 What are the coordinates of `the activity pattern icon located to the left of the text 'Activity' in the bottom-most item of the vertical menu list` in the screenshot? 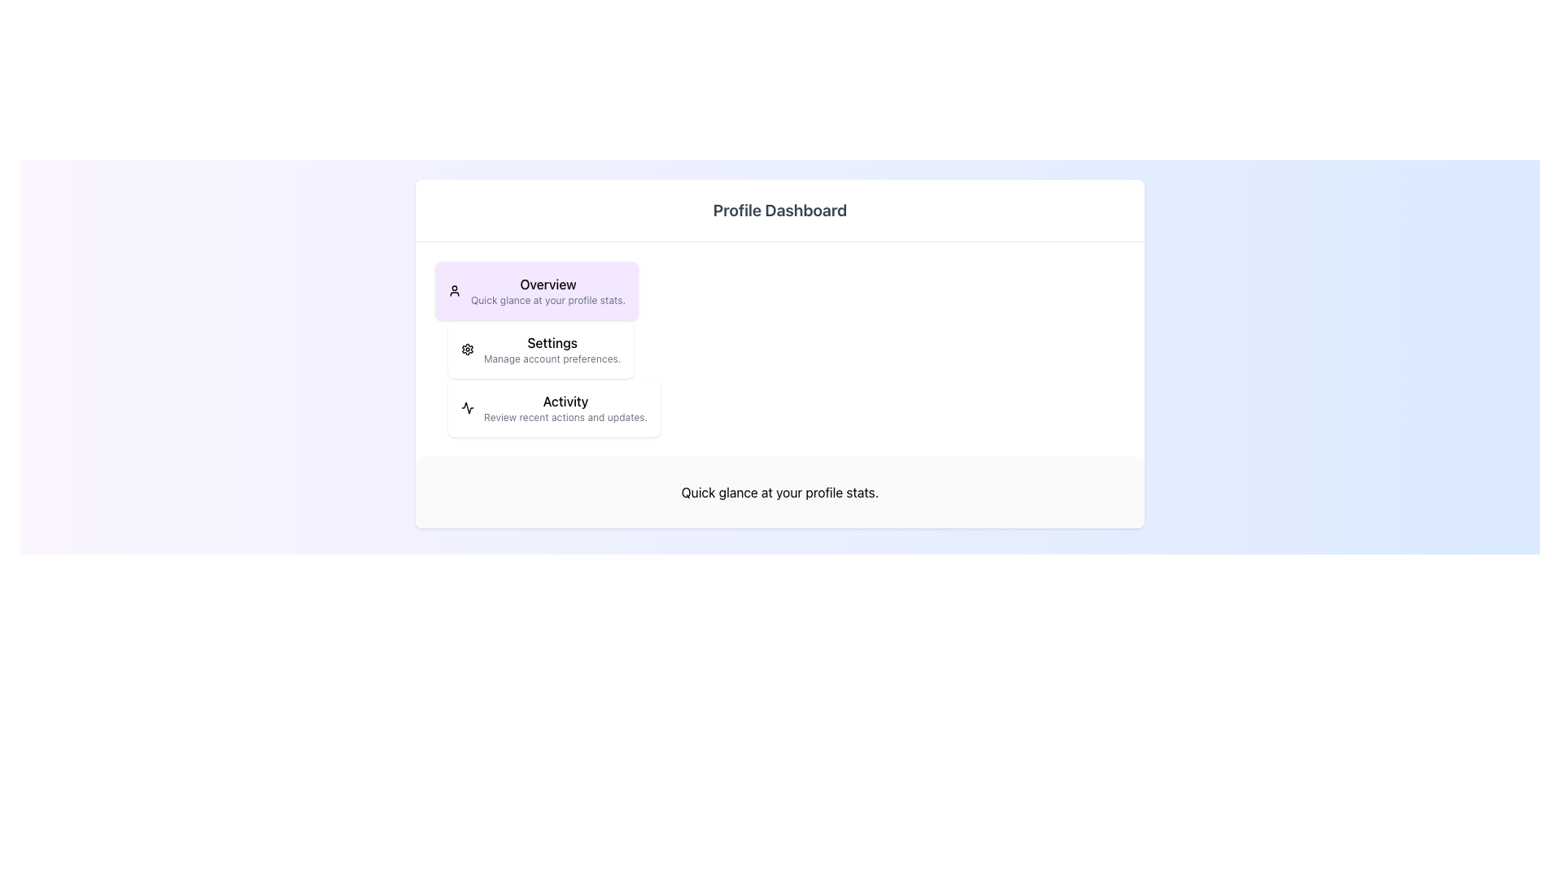 It's located at (467, 406).